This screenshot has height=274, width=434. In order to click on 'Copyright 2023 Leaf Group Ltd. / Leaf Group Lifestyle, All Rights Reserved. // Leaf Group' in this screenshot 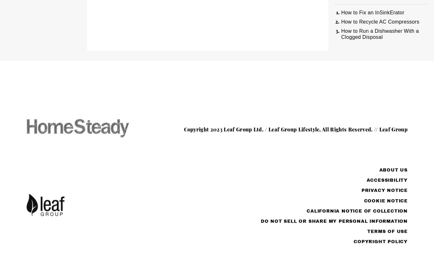, I will do `click(295, 129)`.